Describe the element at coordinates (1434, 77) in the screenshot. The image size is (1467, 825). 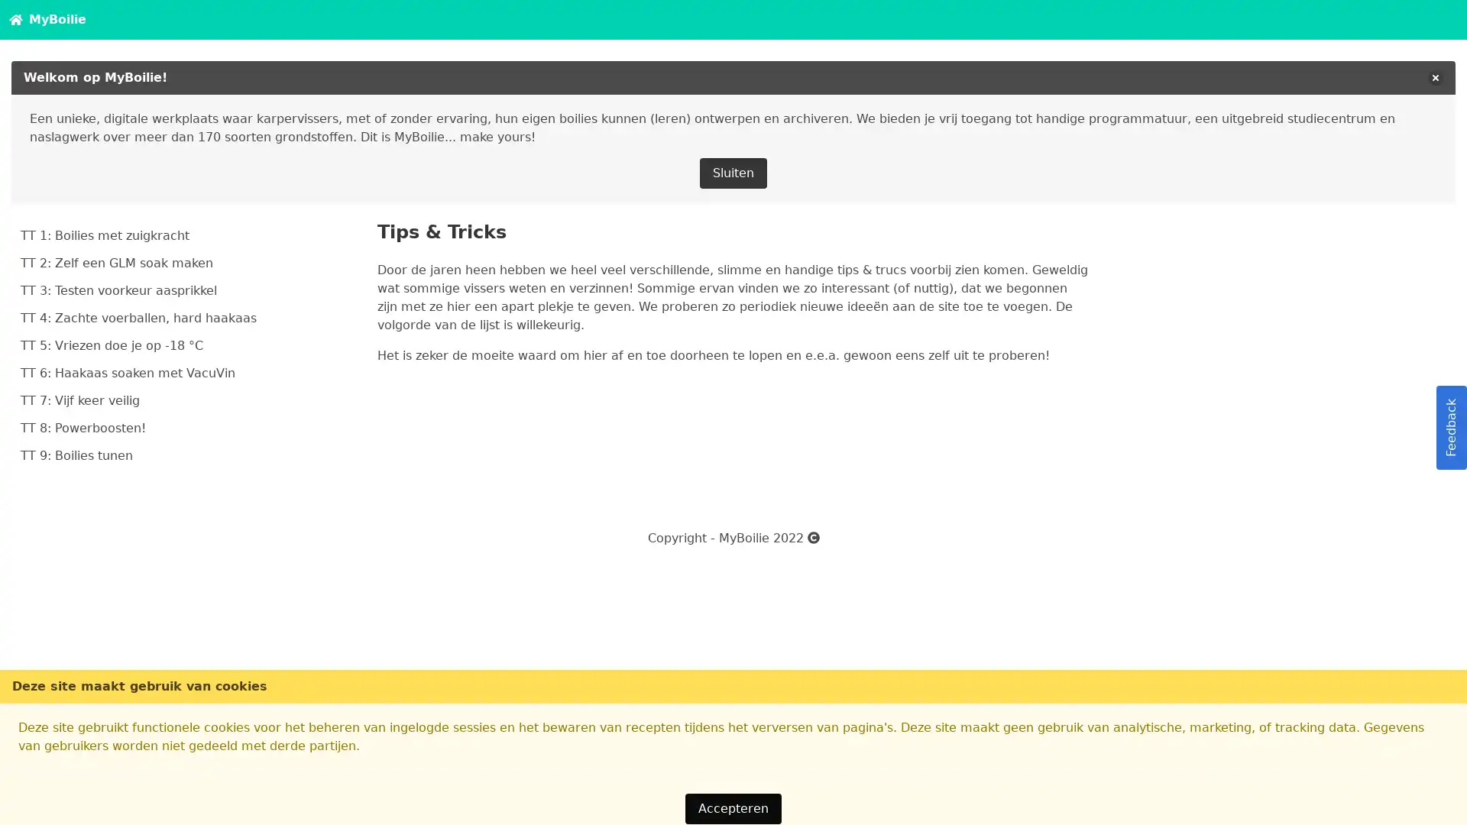
I see `delete` at that location.